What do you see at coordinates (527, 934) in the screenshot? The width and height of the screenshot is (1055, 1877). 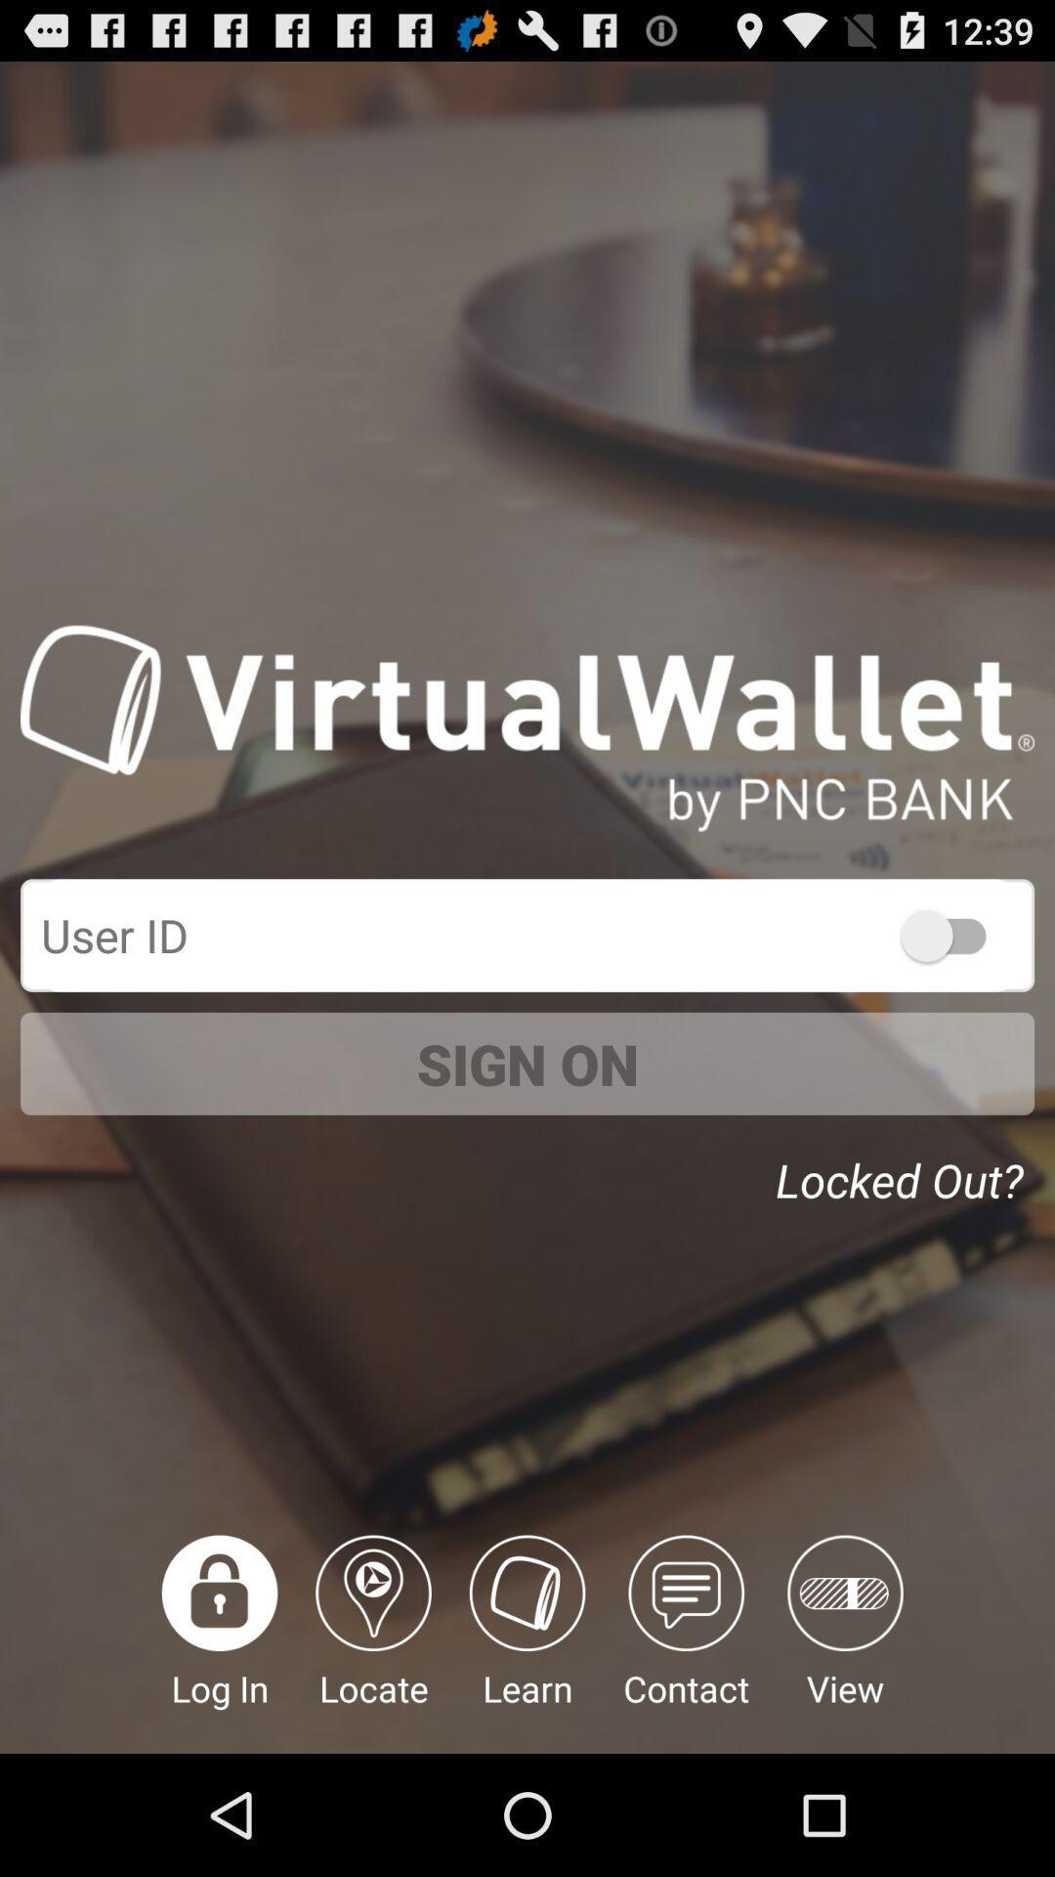 I see `user id` at bounding box center [527, 934].